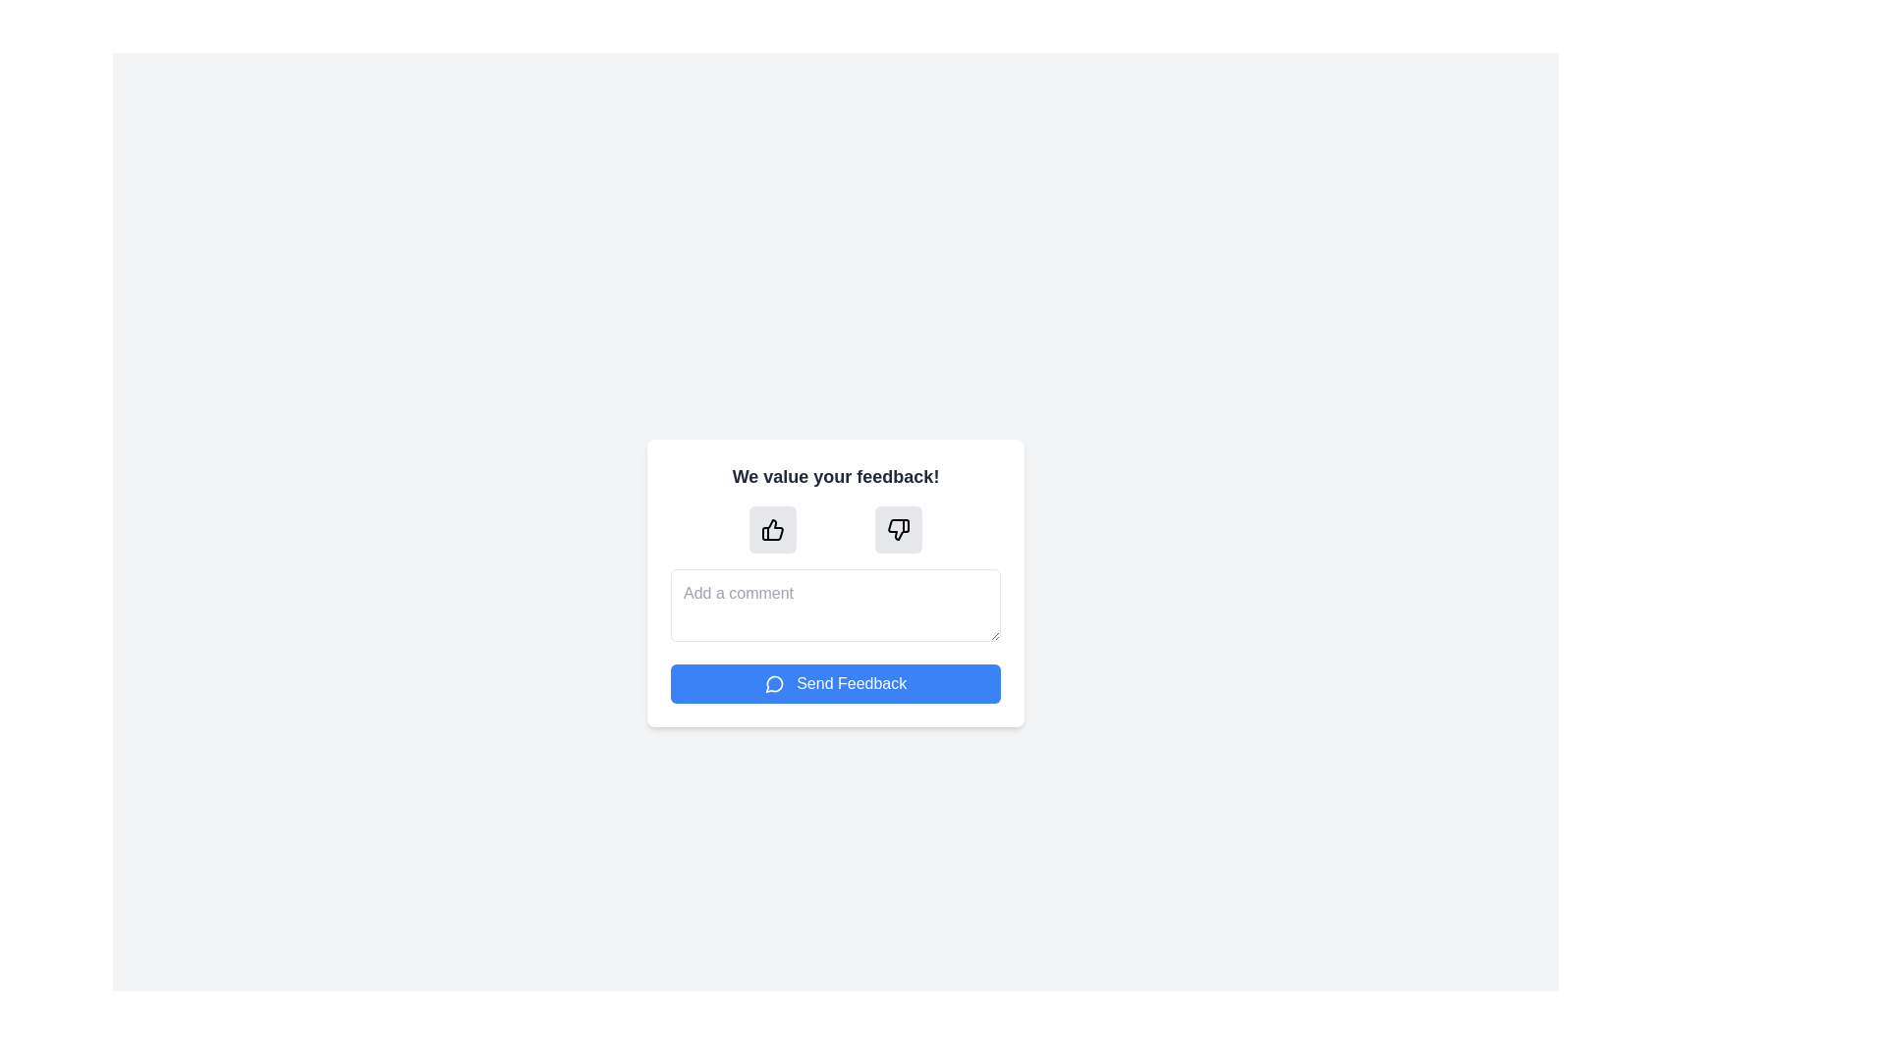 The height and width of the screenshot is (1060, 1886). I want to click on the speech or message bubble icon, which is styled as a circular outline with a triangular tail, located in the feedback message panel adjacent to the feedback button, so click(773, 683).